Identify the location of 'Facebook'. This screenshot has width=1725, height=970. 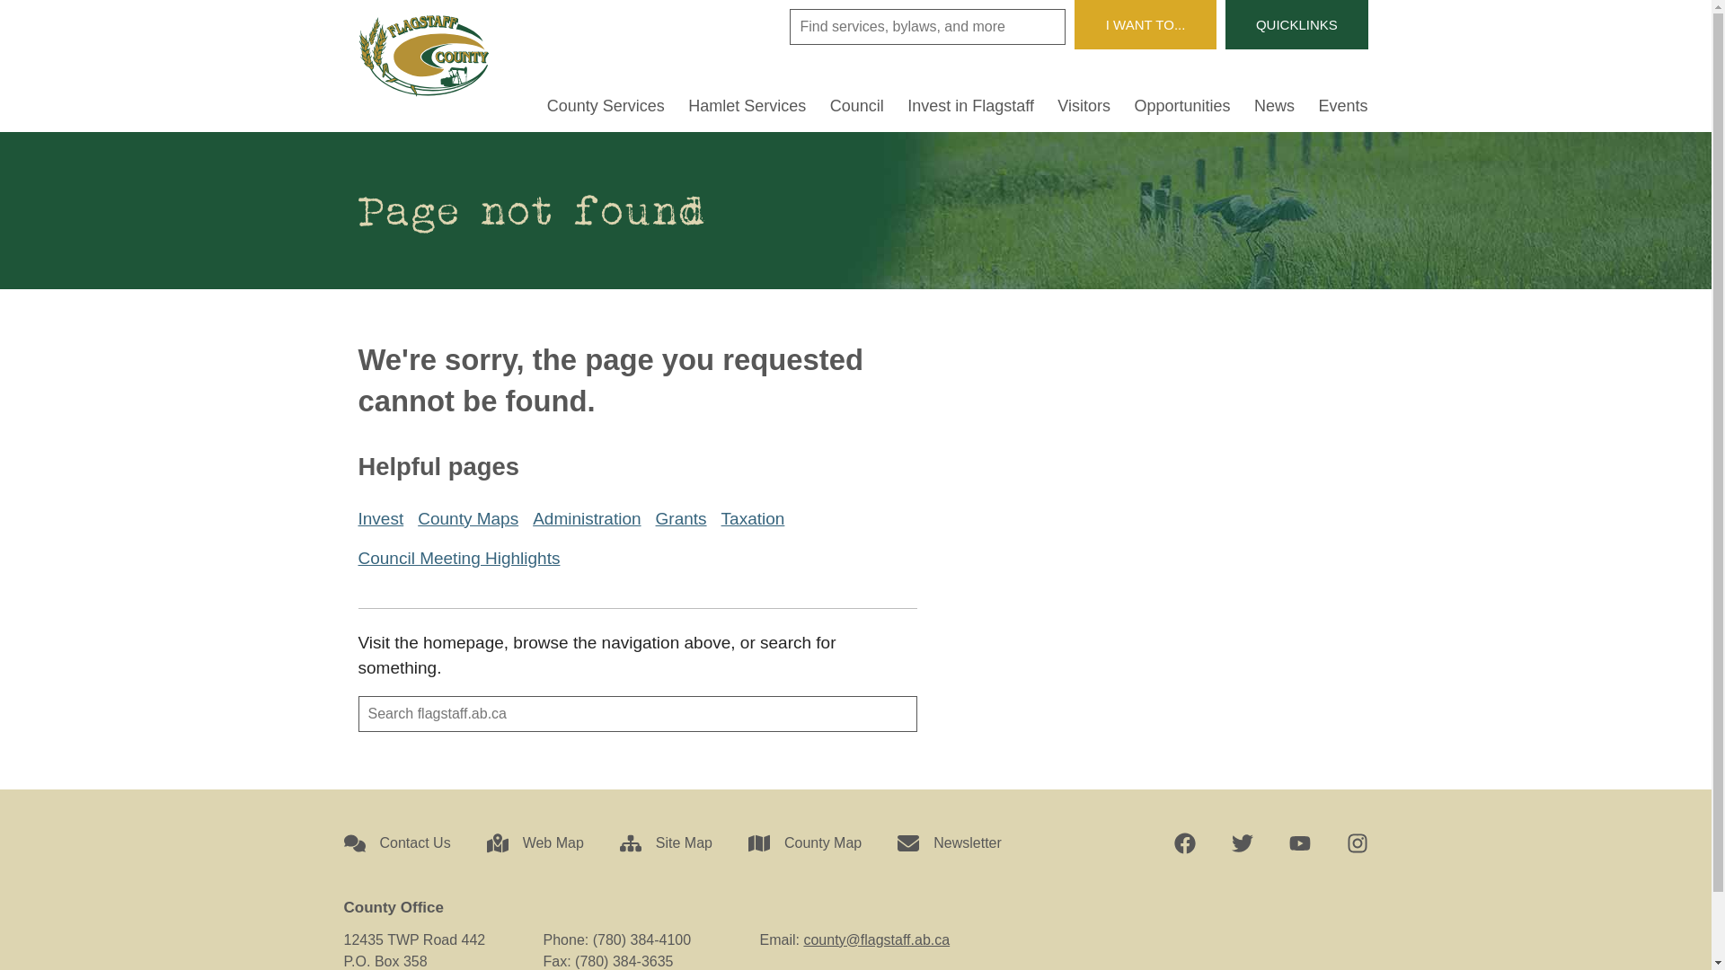
(1184, 842).